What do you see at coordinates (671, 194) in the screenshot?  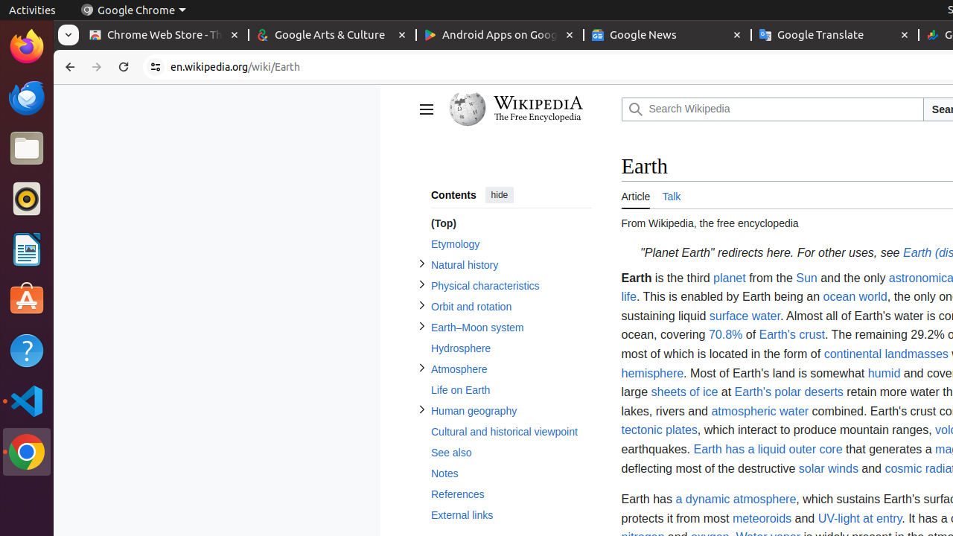 I see `'Talk'` at bounding box center [671, 194].